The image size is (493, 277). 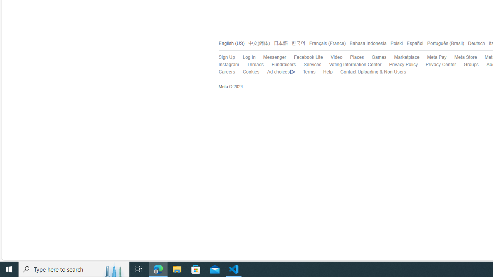 What do you see at coordinates (305, 72) in the screenshot?
I see `'Terms'` at bounding box center [305, 72].